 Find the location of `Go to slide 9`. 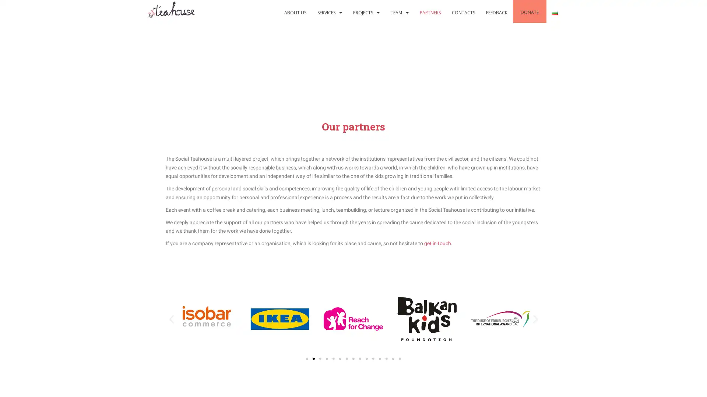

Go to slide 9 is located at coordinates (360, 358).